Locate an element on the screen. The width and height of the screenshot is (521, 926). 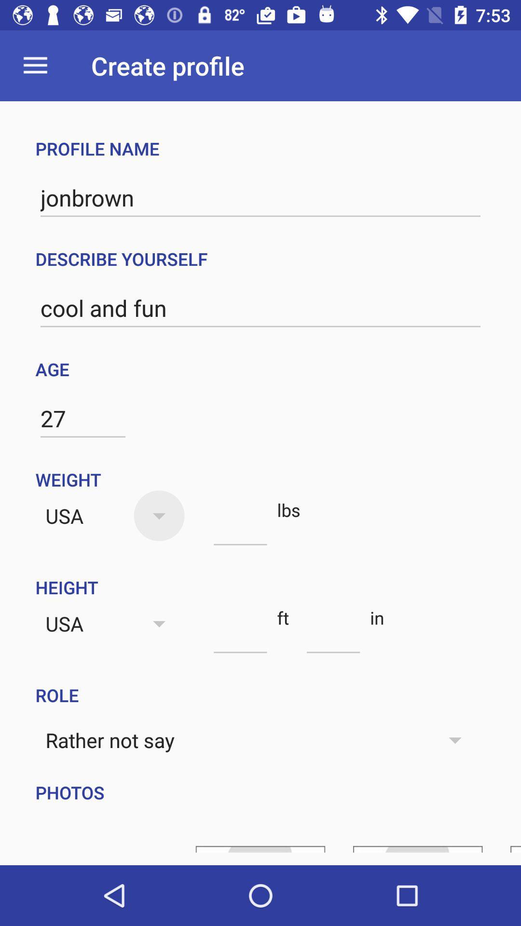
how many feet tall you are is located at coordinates (240, 636).